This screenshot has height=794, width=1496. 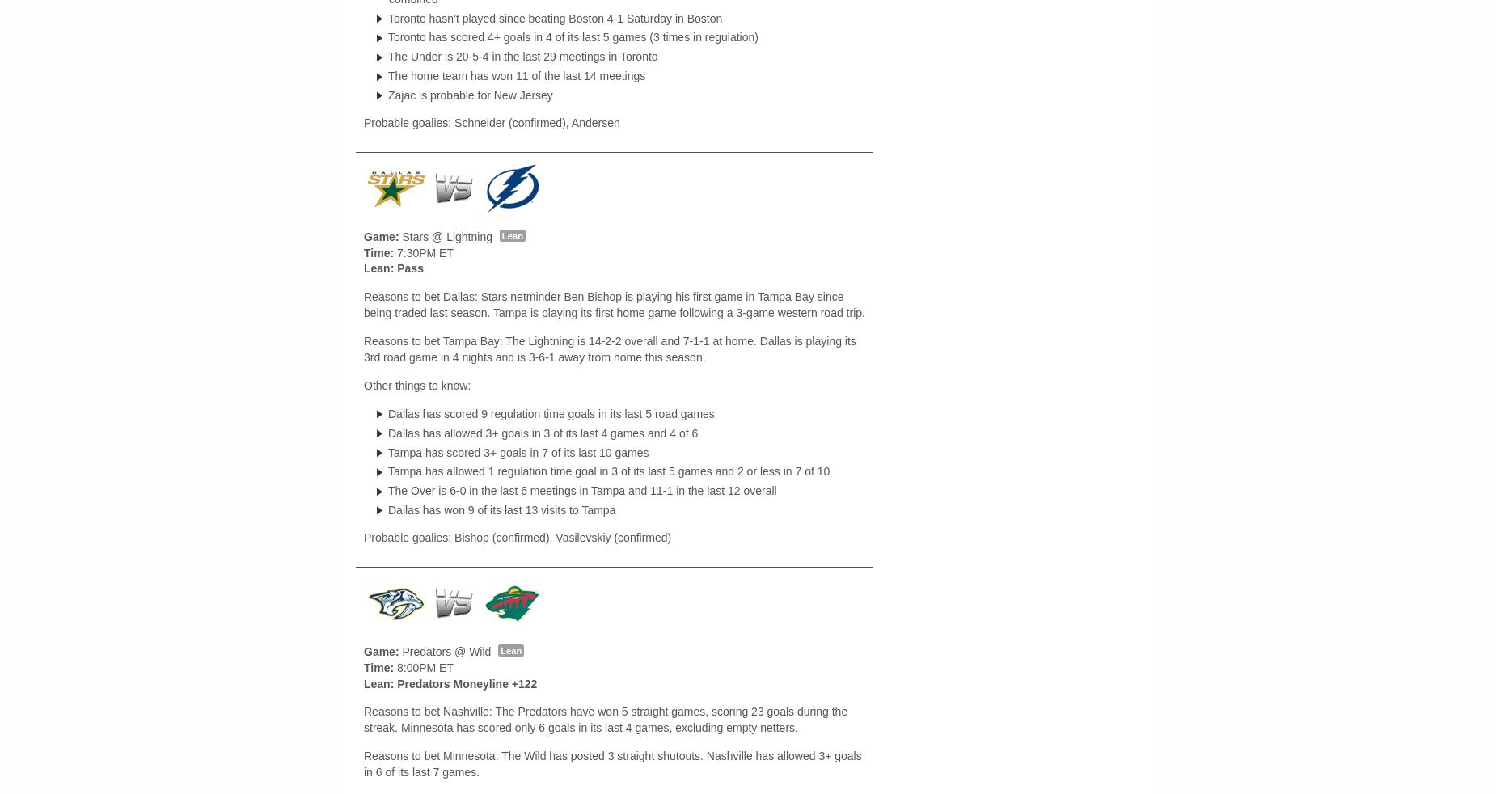 I want to click on 'Reasons to bet Minnesota: The Wild has posted 3 straight shutouts. Nashville has allowed 3+ goals in 6 of its last 7 games.', so click(x=612, y=763).